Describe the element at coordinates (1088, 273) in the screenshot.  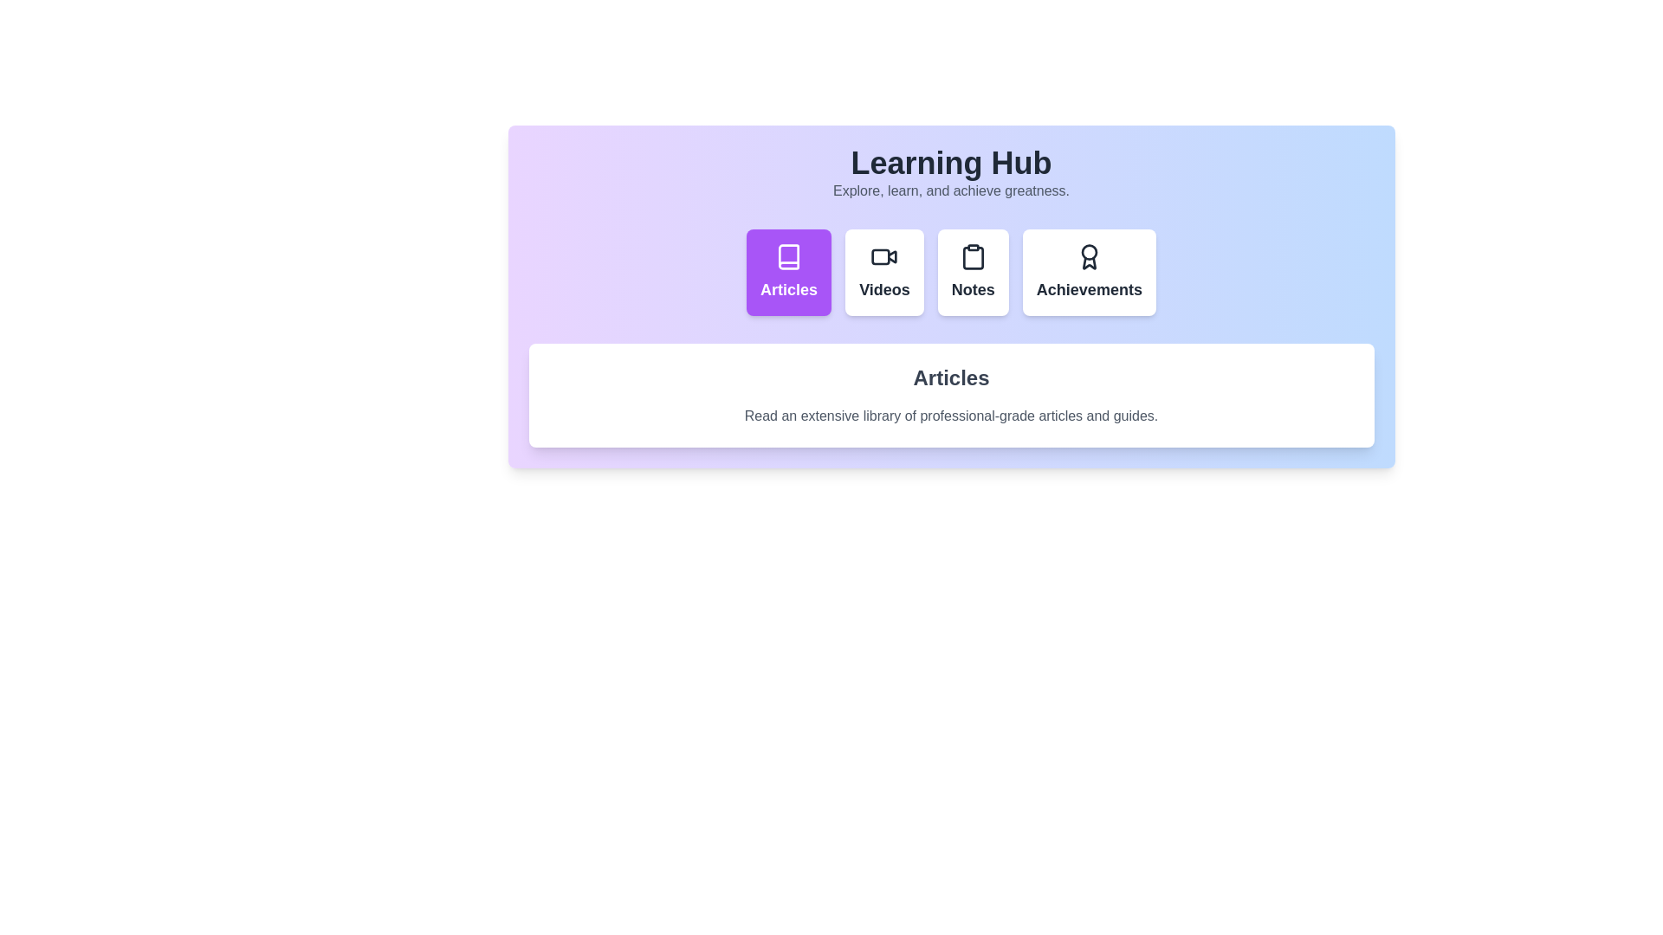
I see `the tab labeled Achievements to view its content` at that location.